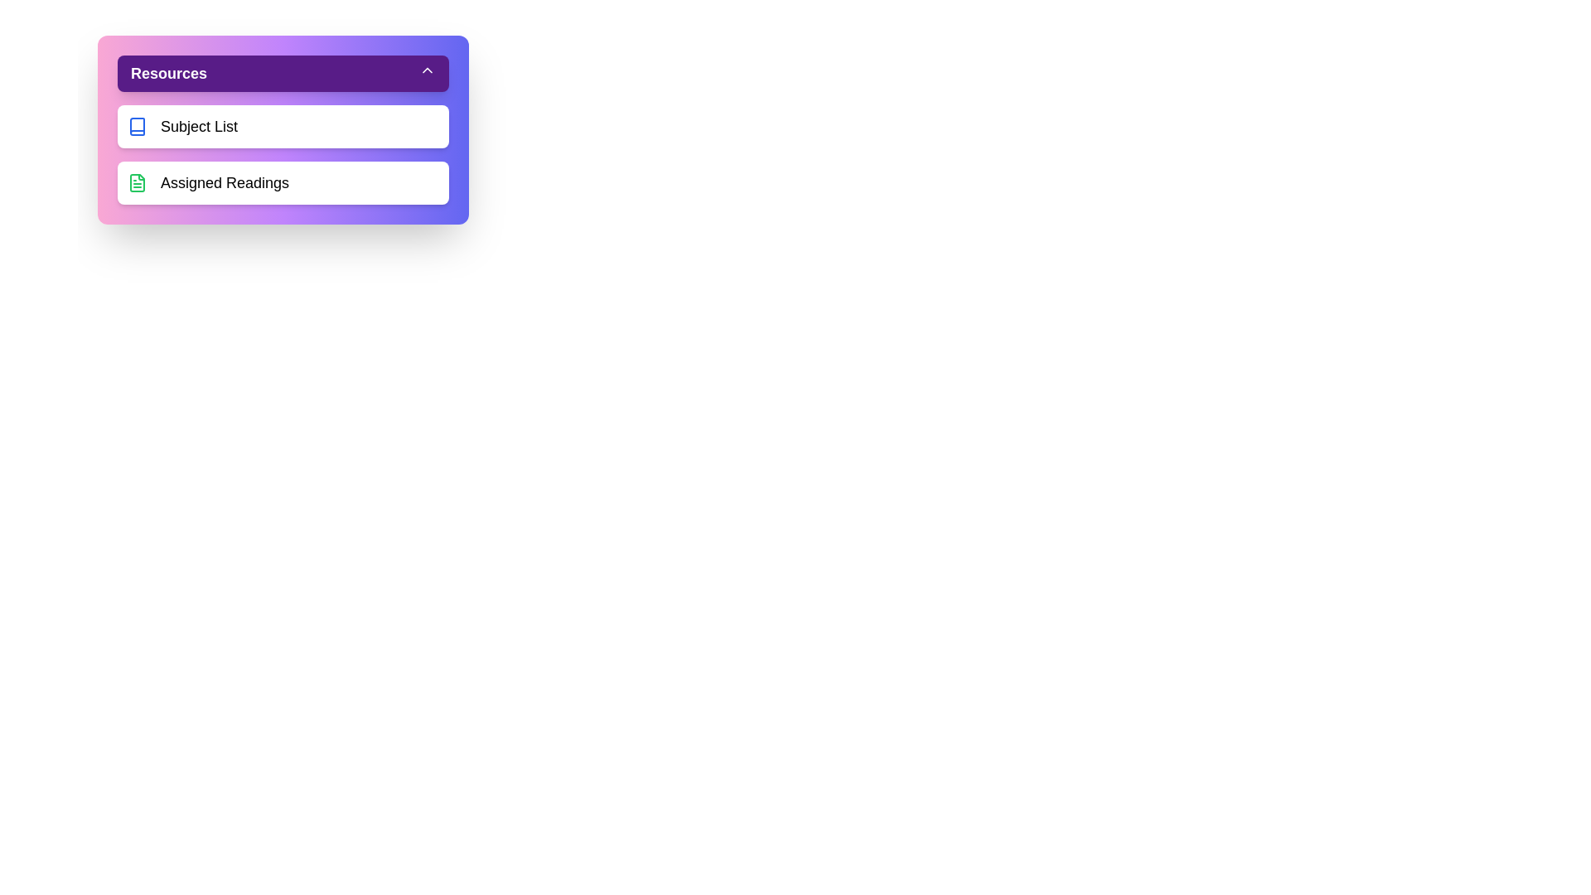 This screenshot has height=895, width=1591. Describe the element at coordinates (283, 182) in the screenshot. I see `the 'Assigned Readings' list item, which is a rounded rectangle button with a green document icon and black text` at that location.